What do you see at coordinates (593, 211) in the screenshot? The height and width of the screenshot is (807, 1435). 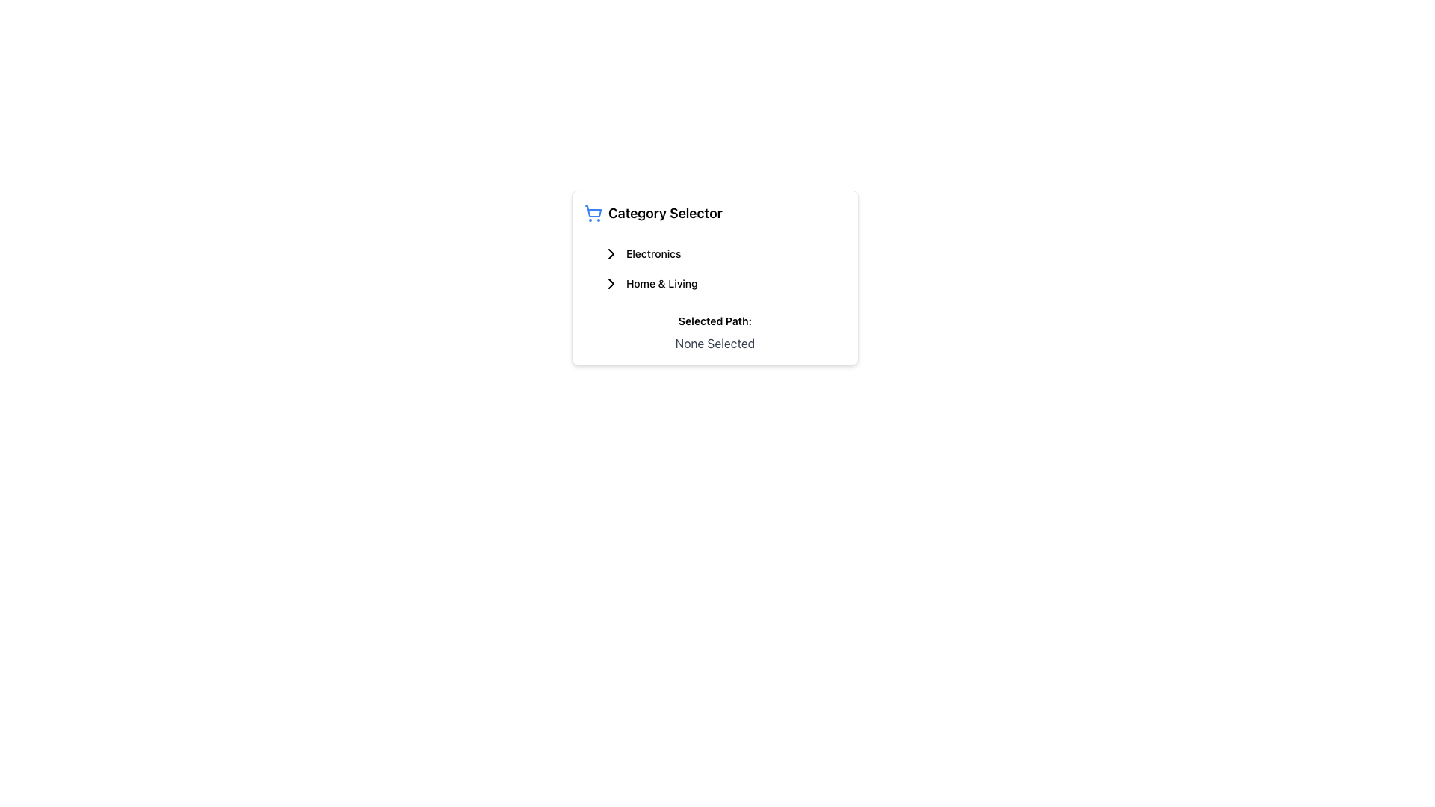 I see `the shopping cart icon with a blue outline located in the top-left segment of the 'Category Selector' panel, which is positioned right before the text 'Category Selector'` at bounding box center [593, 211].